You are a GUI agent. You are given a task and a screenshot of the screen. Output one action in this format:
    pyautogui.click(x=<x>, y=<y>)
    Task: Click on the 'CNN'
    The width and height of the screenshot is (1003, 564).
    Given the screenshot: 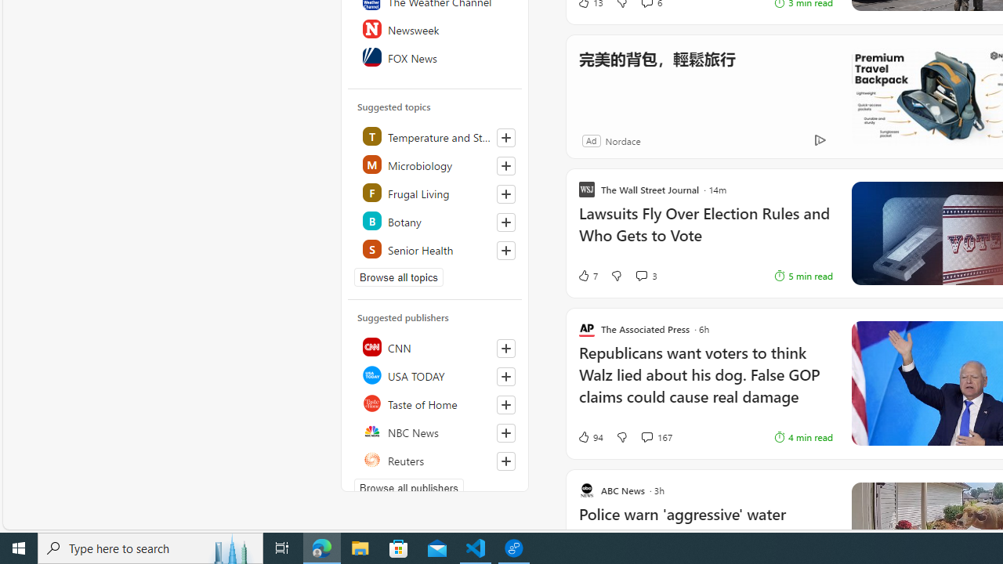 What is the action you would take?
    pyautogui.click(x=436, y=346)
    